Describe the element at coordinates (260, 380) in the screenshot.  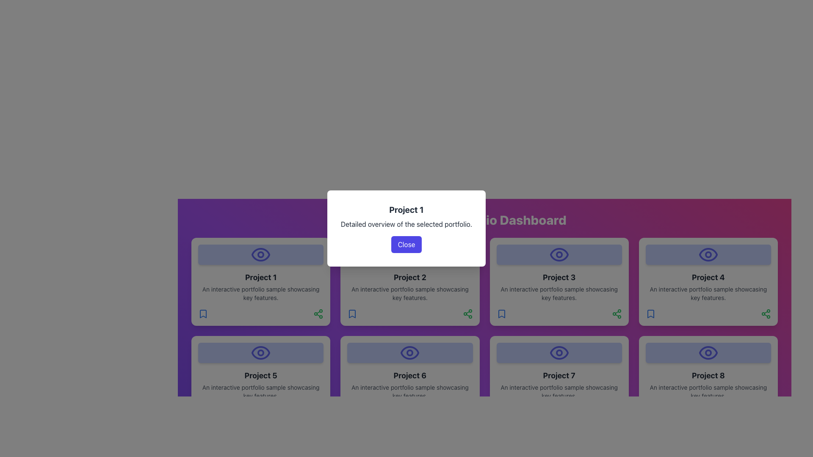
I see `the Informational Card for 'Project 5' located in the second row and first column of the grid` at that location.